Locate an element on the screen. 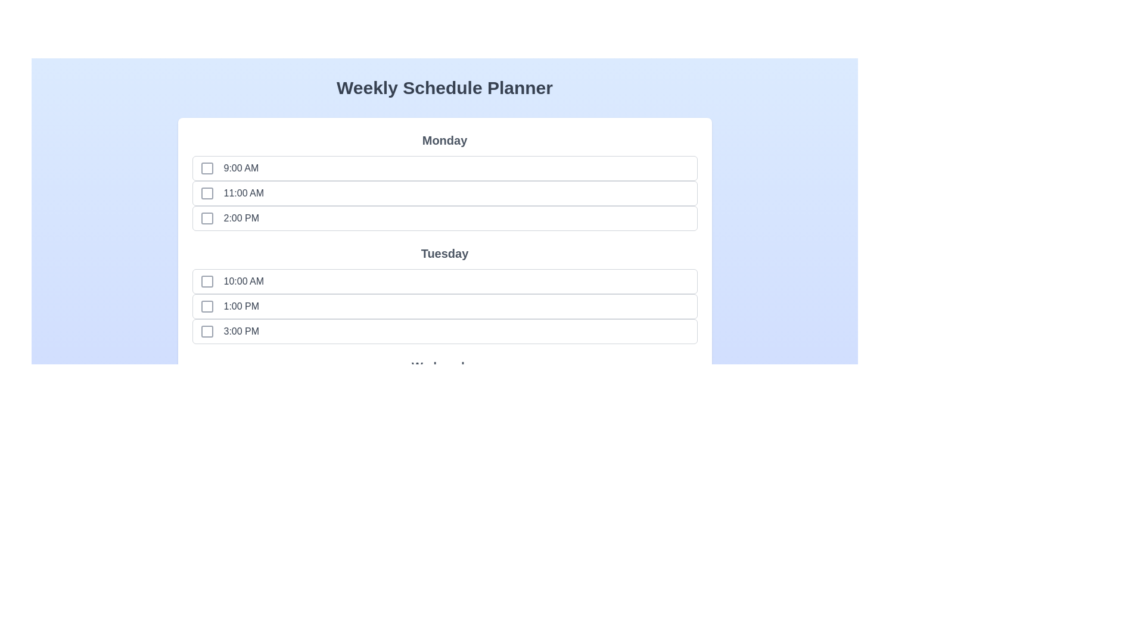 The width and height of the screenshot is (1144, 643). the time slot Tuesday at 10:00 AM is located at coordinates (207, 282).